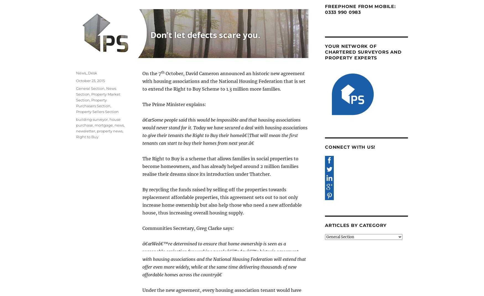 The height and width of the screenshot is (296, 484). I want to click on 'Freephone from mobile: 0333 990 0983', so click(360, 9).